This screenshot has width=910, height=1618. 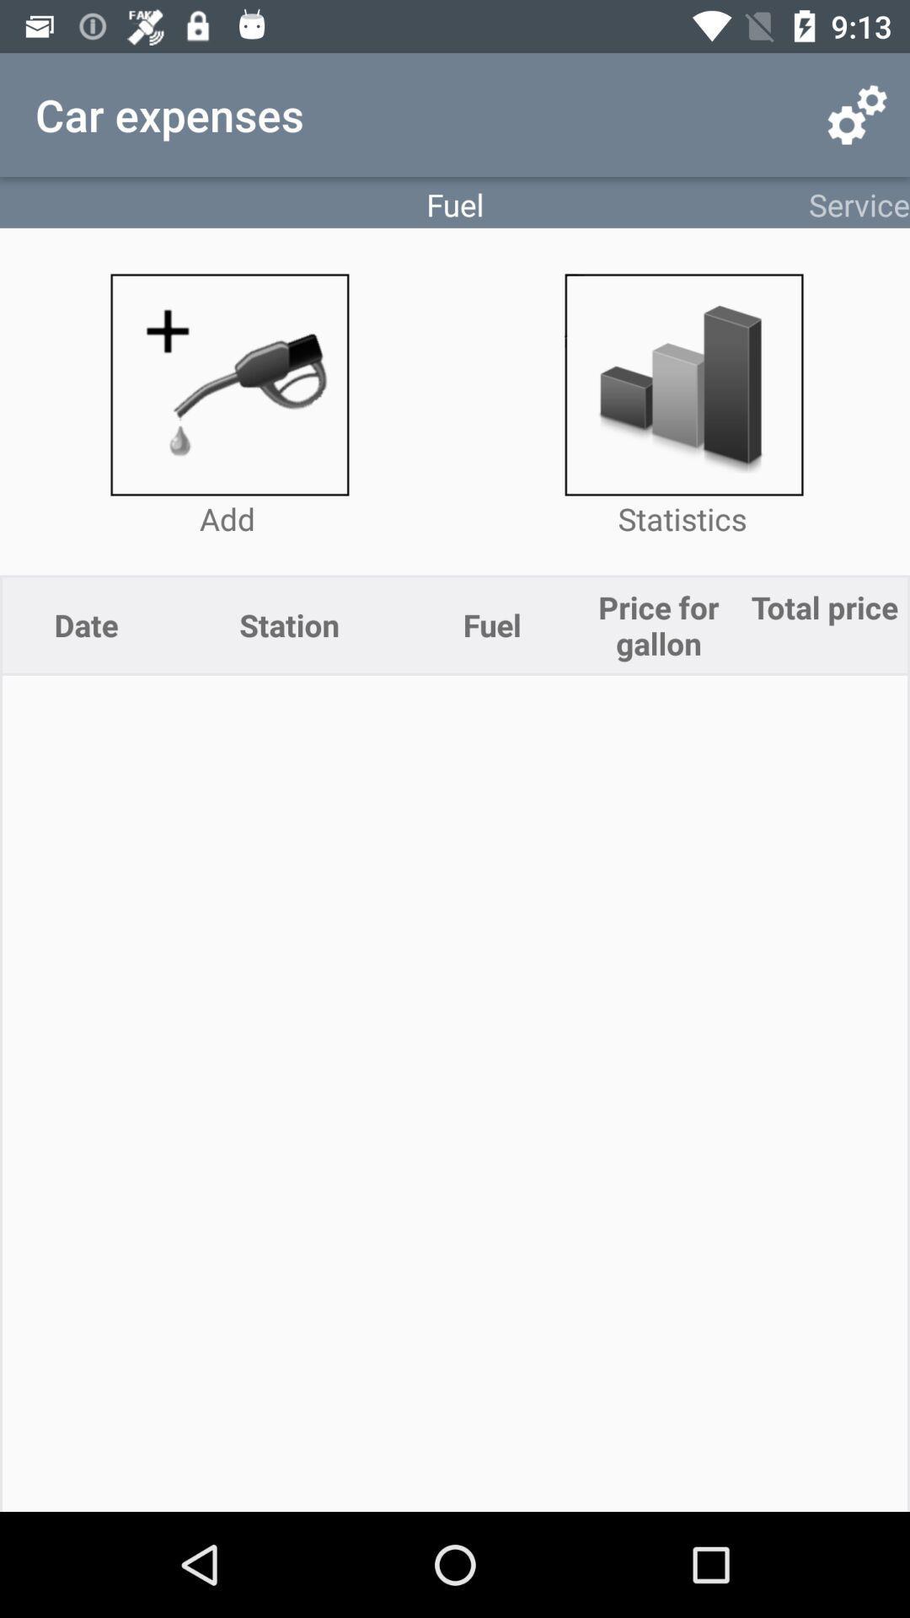 I want to click on gas numbers, so click(x=227, y=383).